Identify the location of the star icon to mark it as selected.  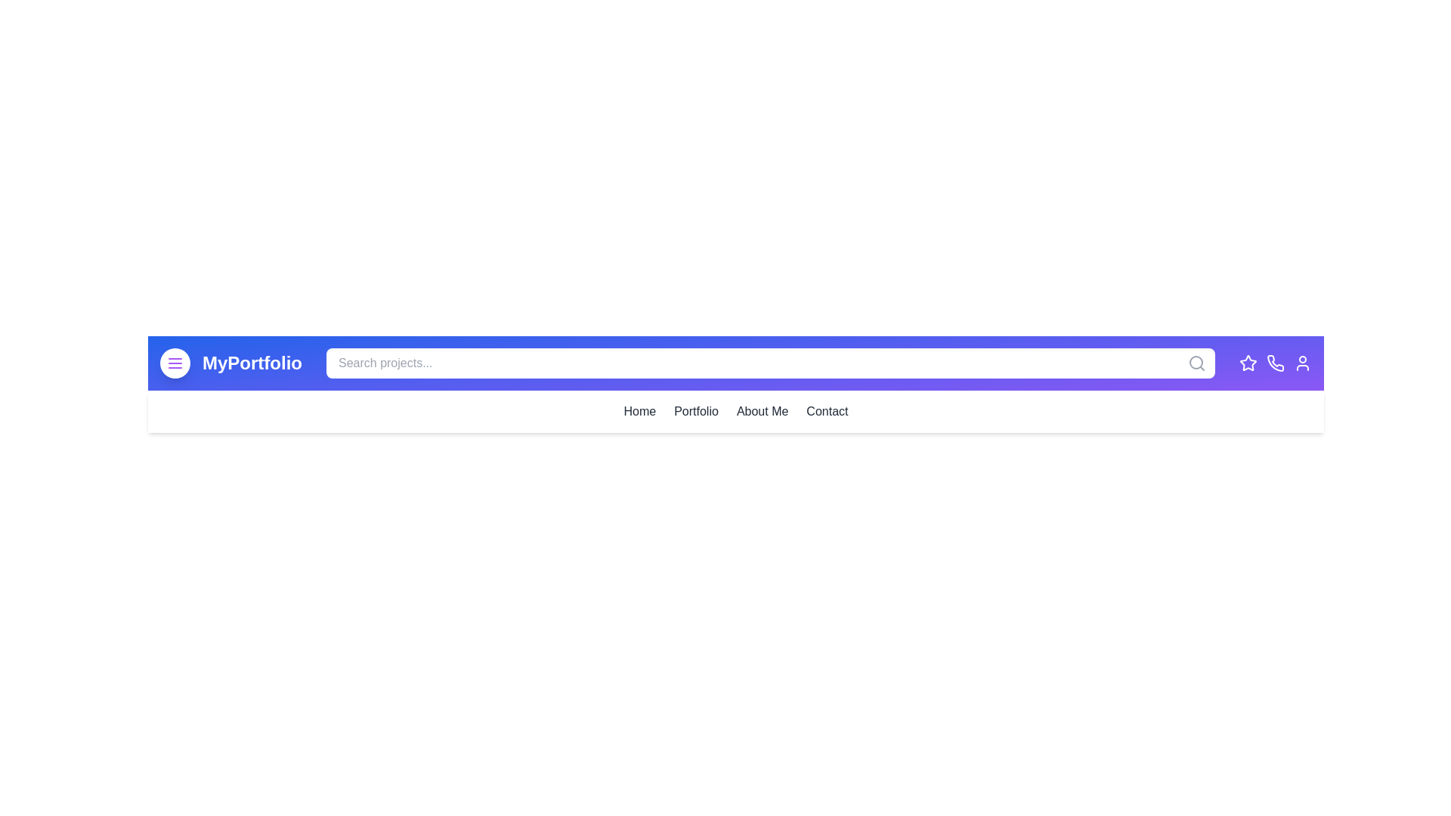
(1248, 363).